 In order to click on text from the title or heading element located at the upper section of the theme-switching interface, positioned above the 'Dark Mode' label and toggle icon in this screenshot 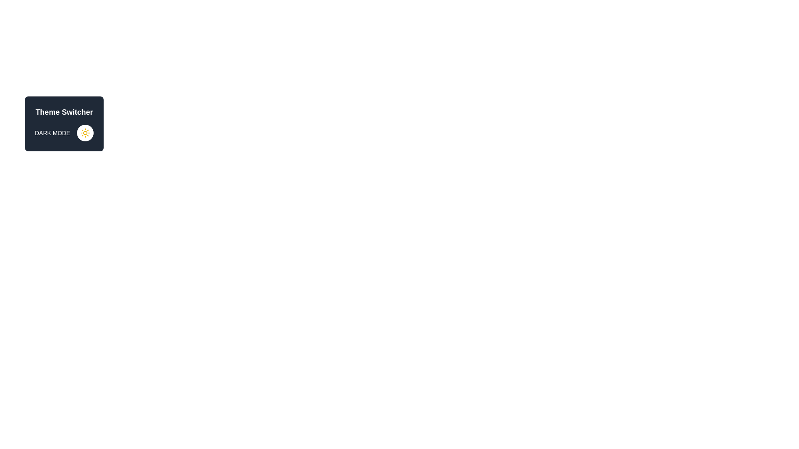, I will do `click(64, 112)`.